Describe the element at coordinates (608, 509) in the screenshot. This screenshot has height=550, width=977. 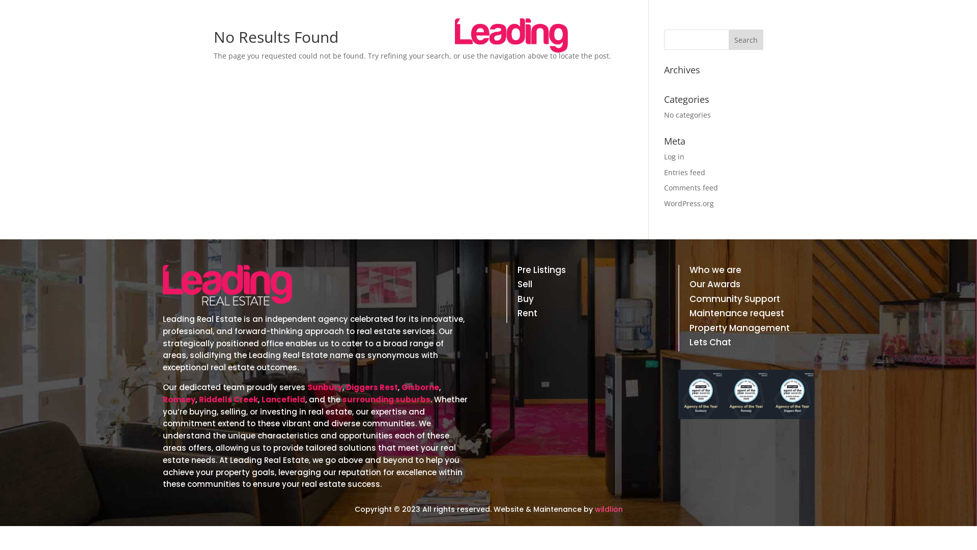
I see `'wildlion'` at that location.